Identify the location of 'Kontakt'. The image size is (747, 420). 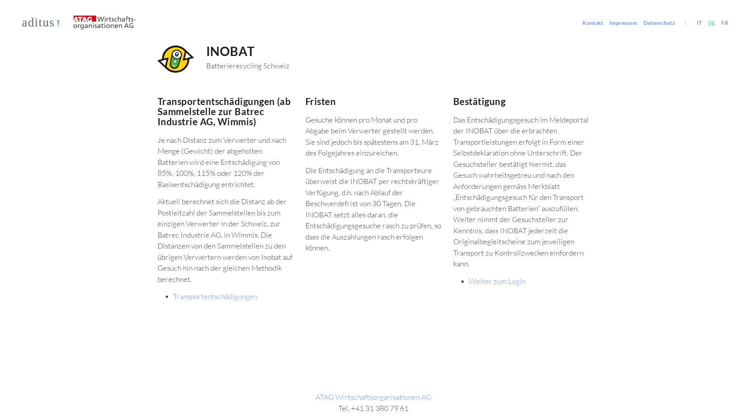
(592, 22).